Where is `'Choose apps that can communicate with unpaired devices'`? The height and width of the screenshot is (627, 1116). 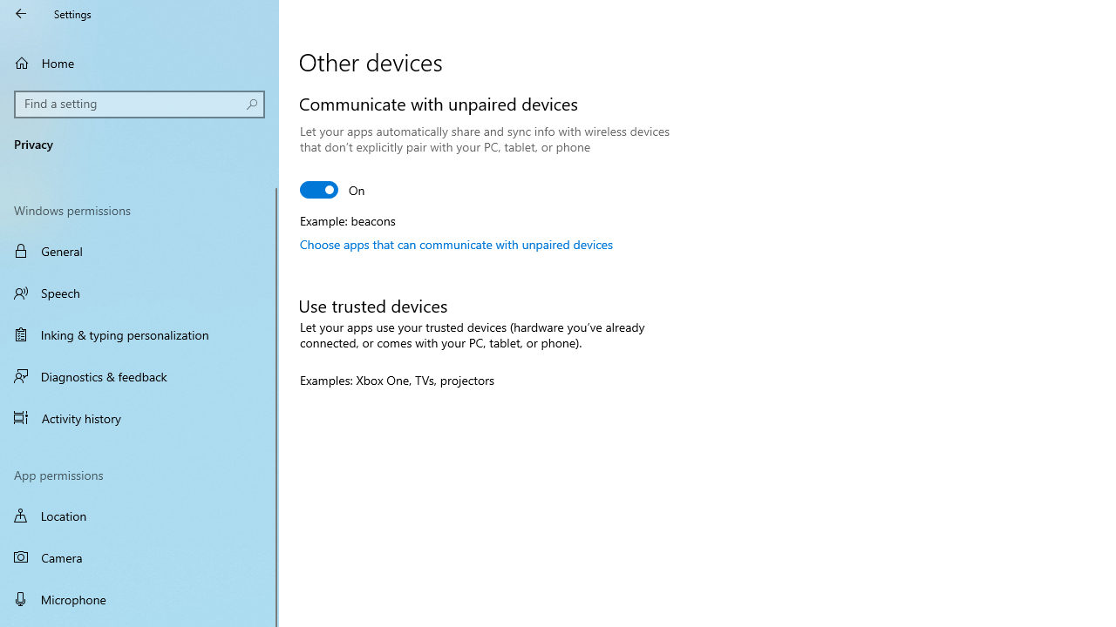
'Choose apps that can communicate with unpaired devices' is located at coordinates (456, 244).